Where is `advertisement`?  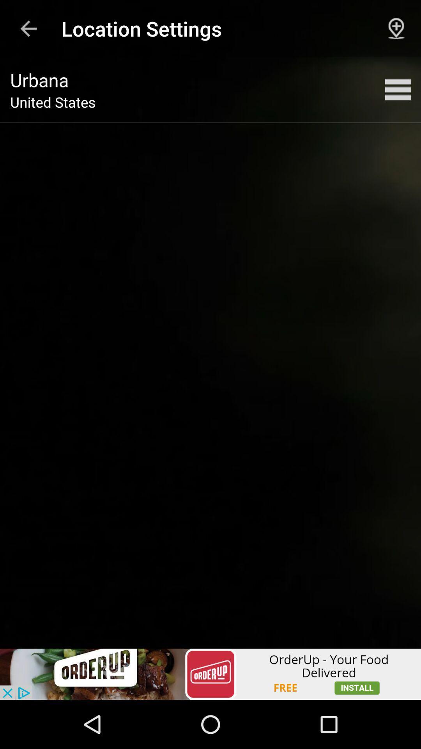
advertisement is located at coordinates (210, 674).